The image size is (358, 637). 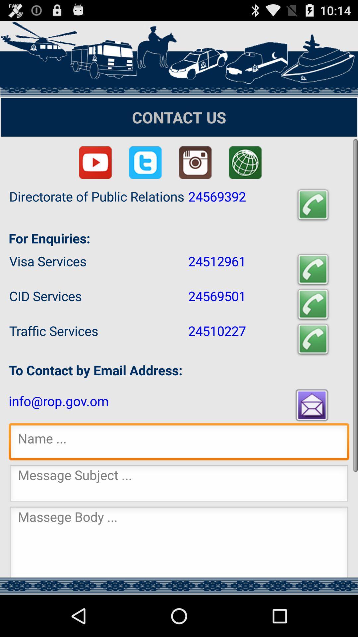 What do you see at coordinates (313, 339) in the screenshot?
I see `calls the number listed` at bounding box center [313, 339].